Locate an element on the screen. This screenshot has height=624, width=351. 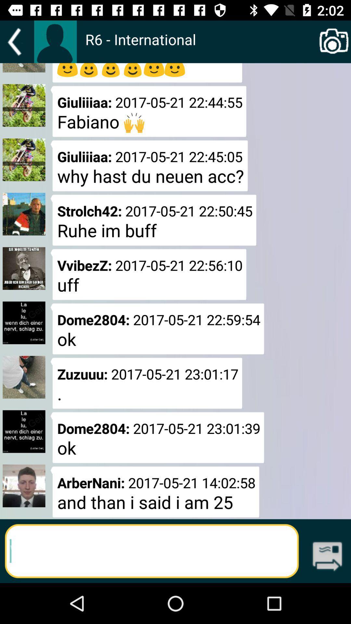
r6 - international app is located at coordinates (201, 46).